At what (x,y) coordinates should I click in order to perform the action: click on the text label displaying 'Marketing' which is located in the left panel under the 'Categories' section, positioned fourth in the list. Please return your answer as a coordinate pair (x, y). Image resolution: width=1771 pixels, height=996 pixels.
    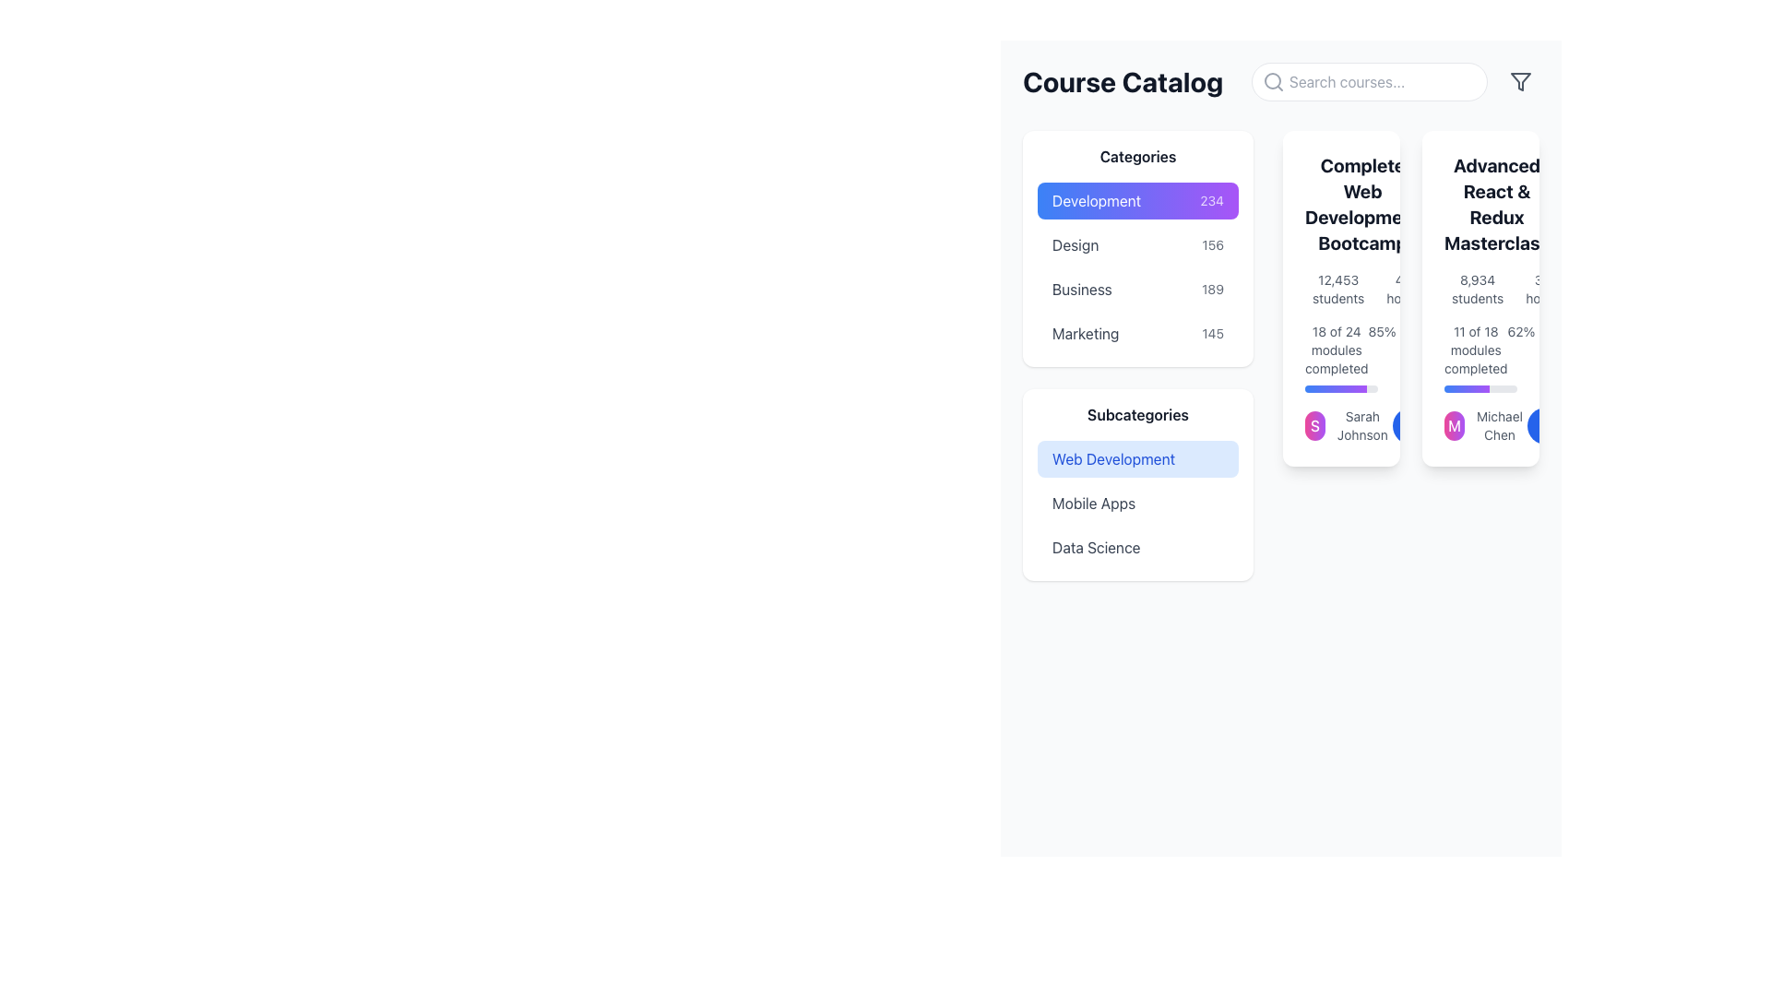
    Looking at the image, I should click on (1086, 334).